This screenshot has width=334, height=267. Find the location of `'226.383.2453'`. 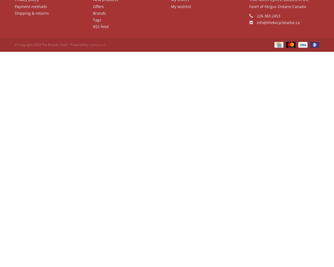

'226.383.2453' is located at coordinates (255, 15).